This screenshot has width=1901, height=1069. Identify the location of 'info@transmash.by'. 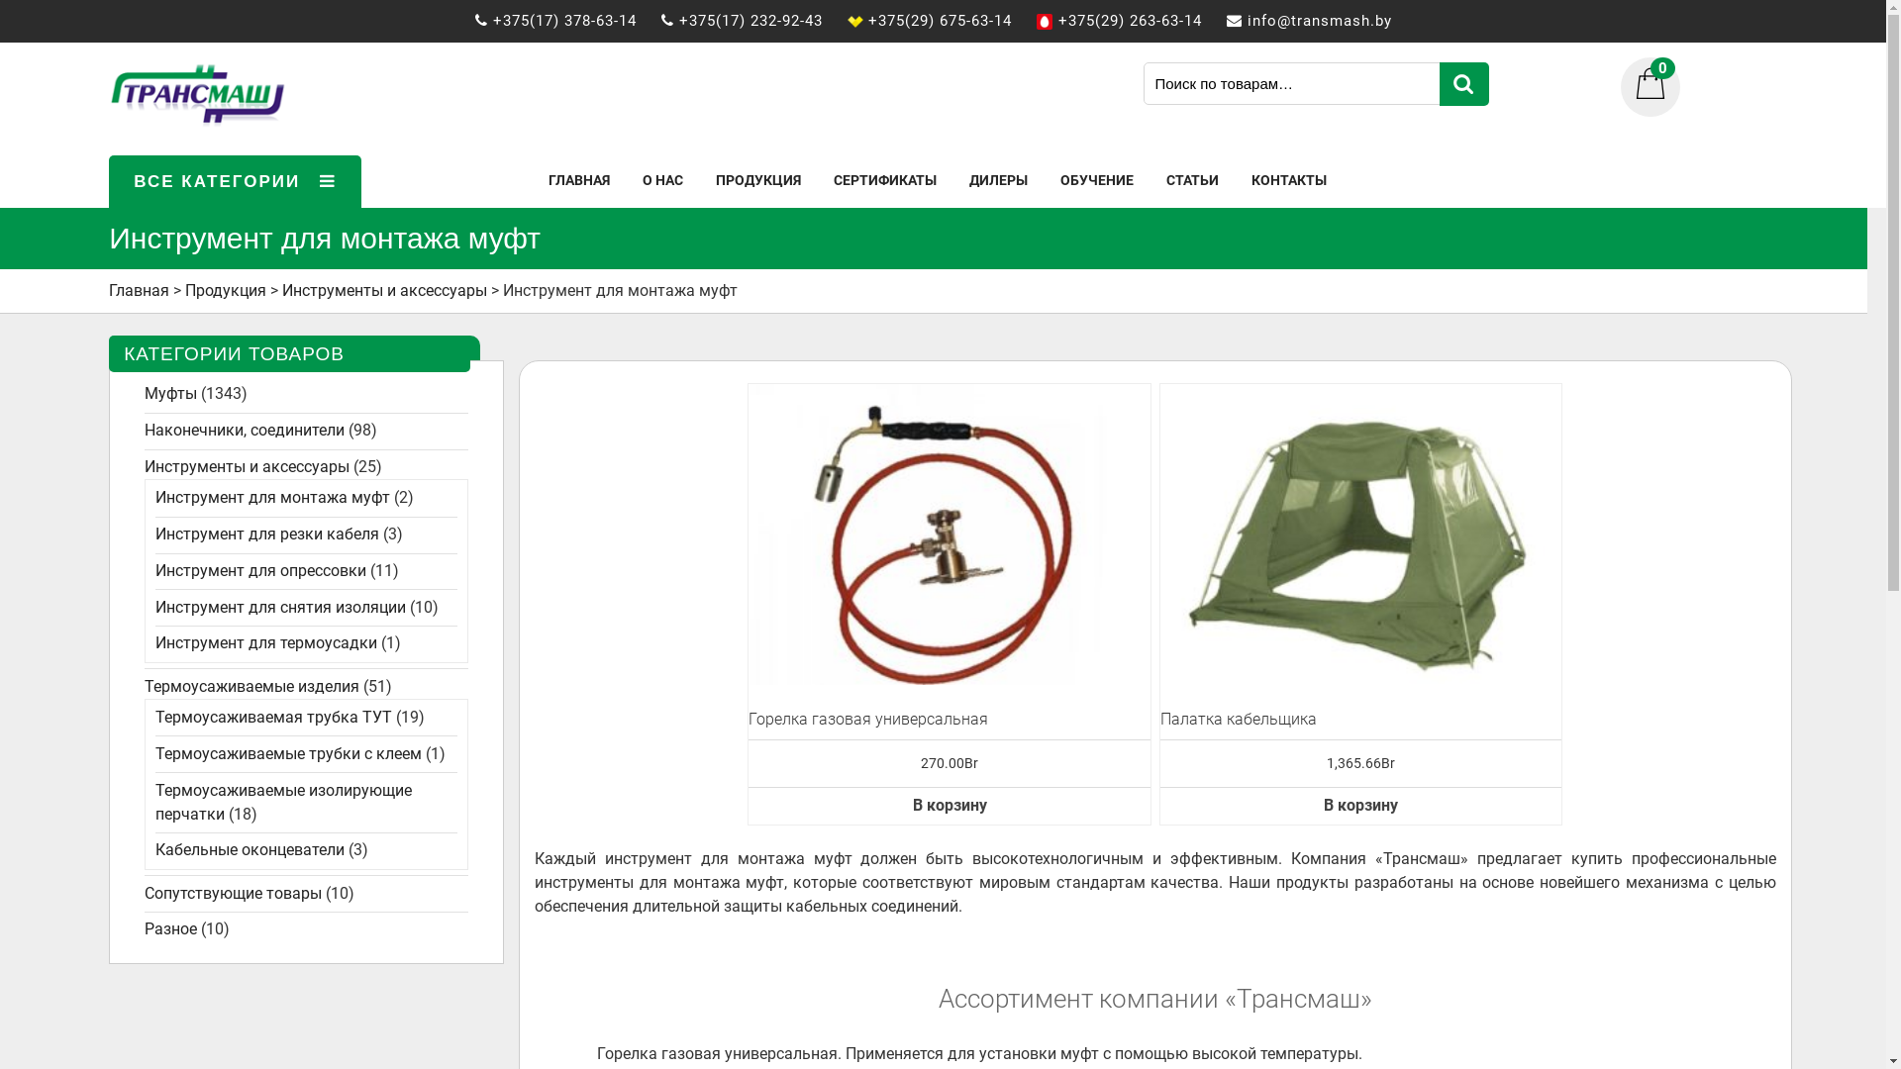
(1330, 20).